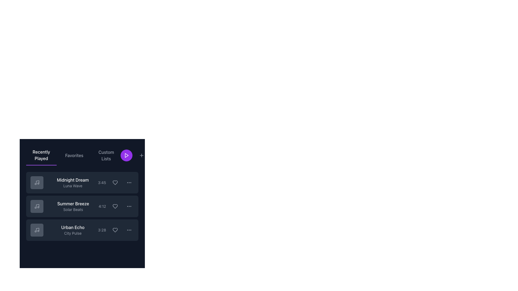 This screenshot has width=518, height=291. What do you see at coordinates (73, 227) in the screenshot?
I see `the Text label displaying the title 'Urban Echo', located in the third list item of the 'Recently Played' section, above the subtitle 'City Pulse'` at bounding box center [73, 227].